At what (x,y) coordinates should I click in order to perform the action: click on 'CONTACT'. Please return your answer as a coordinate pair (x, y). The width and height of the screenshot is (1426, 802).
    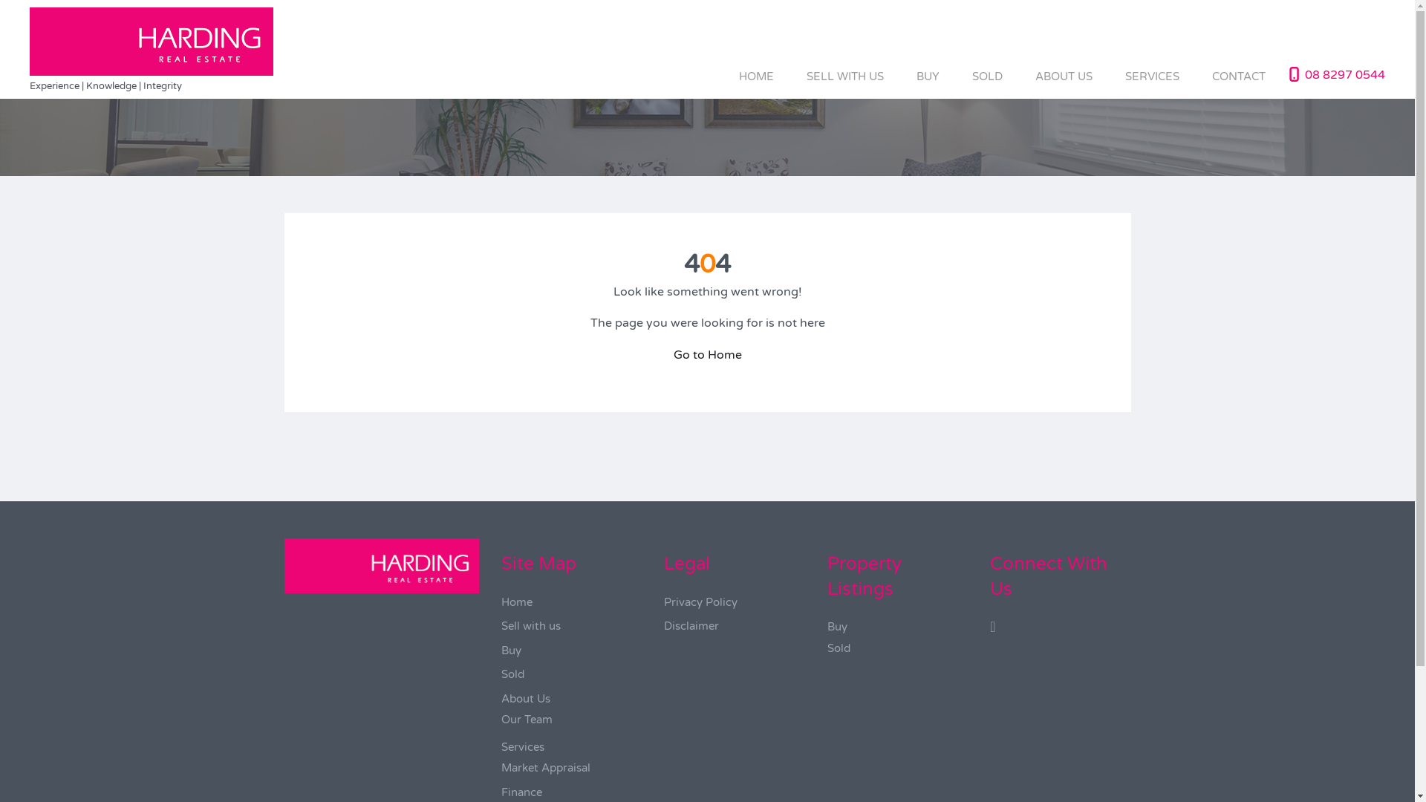
    Looking at the image, I should click on (1195, 76).